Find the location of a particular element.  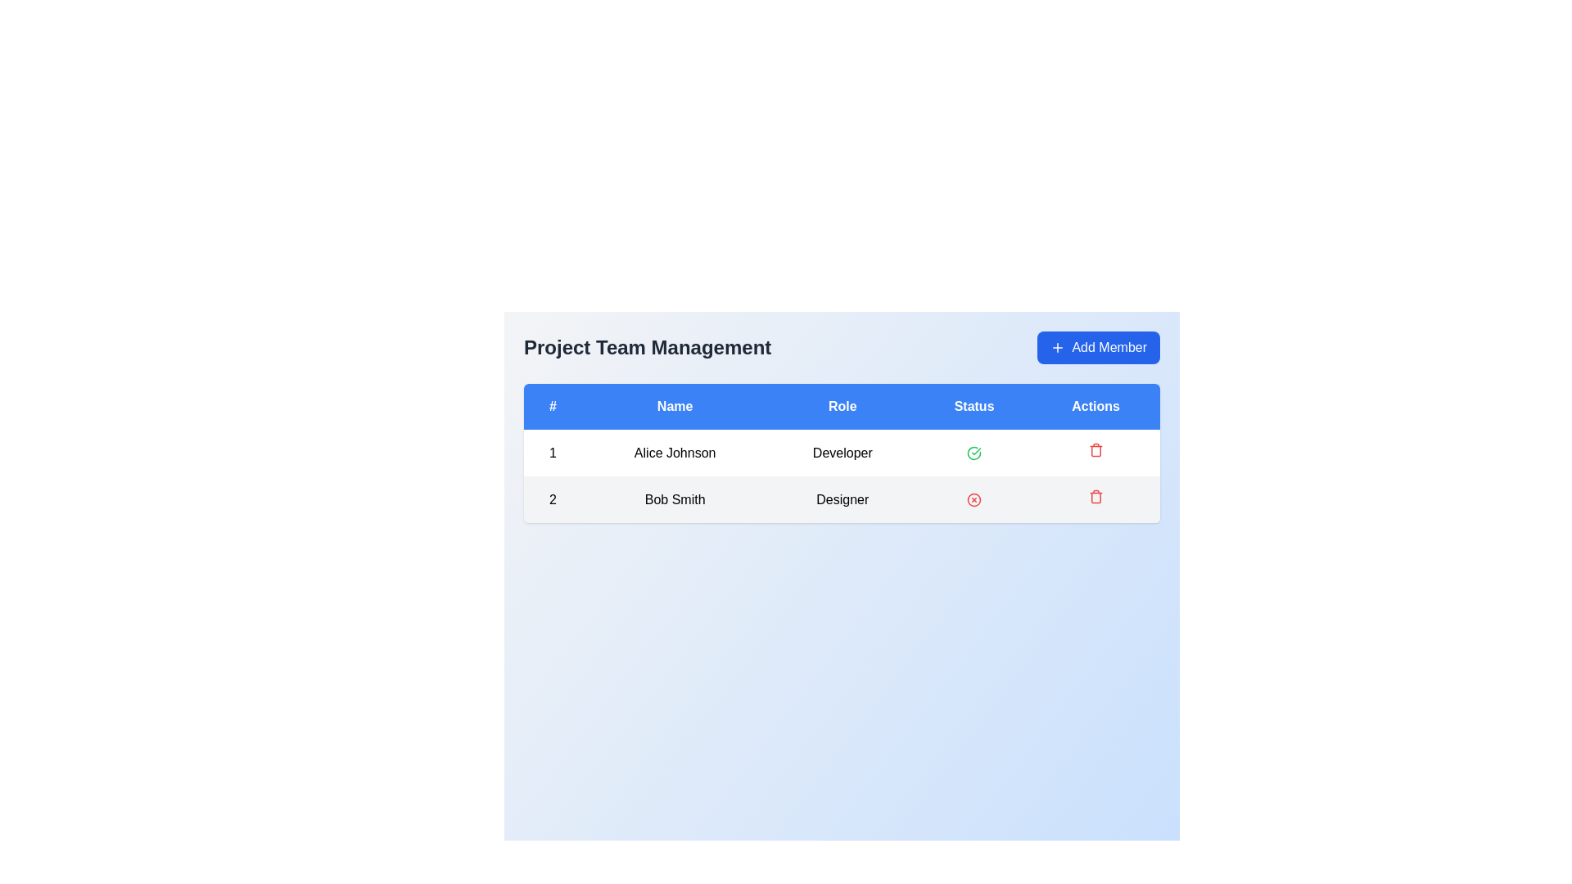

the red circular icon with a white background and a red 'X' symbol in the middle, located in the 'Status' column in the second row of the table for 'Bob Smith' is located at coordinates (974, 498).